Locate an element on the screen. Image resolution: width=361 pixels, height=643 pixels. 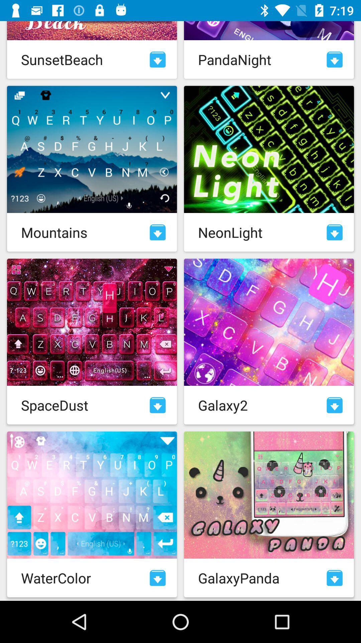
pandanight is located at coordinates (335, 59).